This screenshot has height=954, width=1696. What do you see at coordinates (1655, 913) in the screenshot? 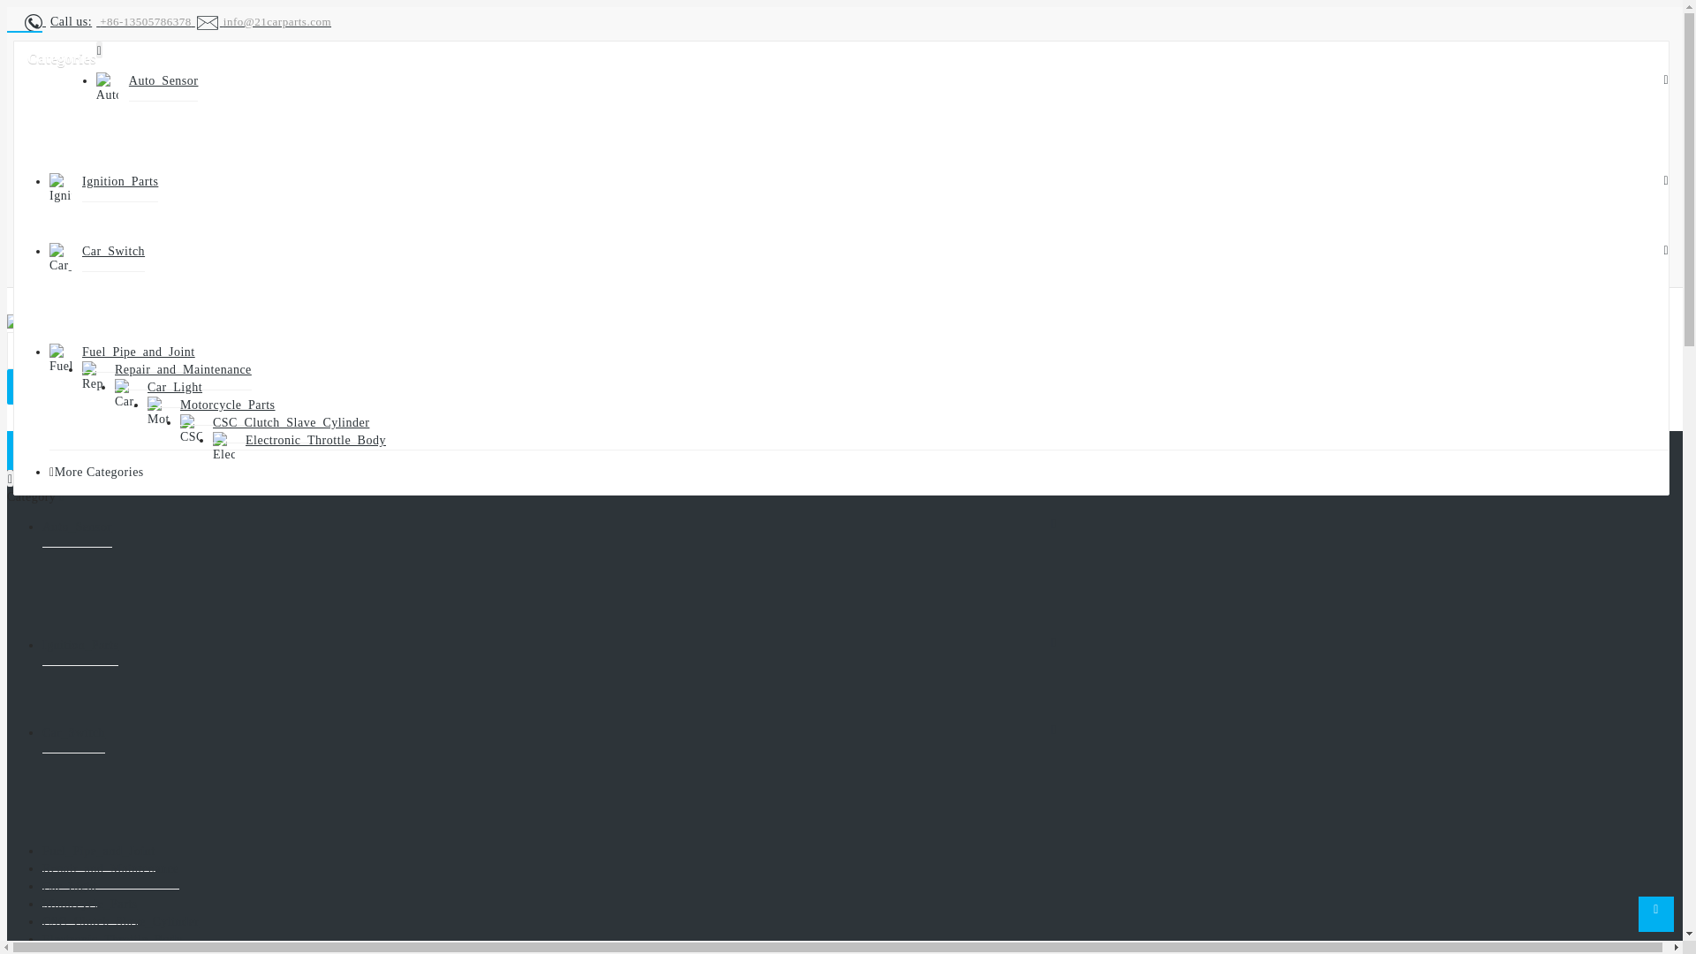
I see `'Scroll to Top'` at bounding box center [1655, 913].